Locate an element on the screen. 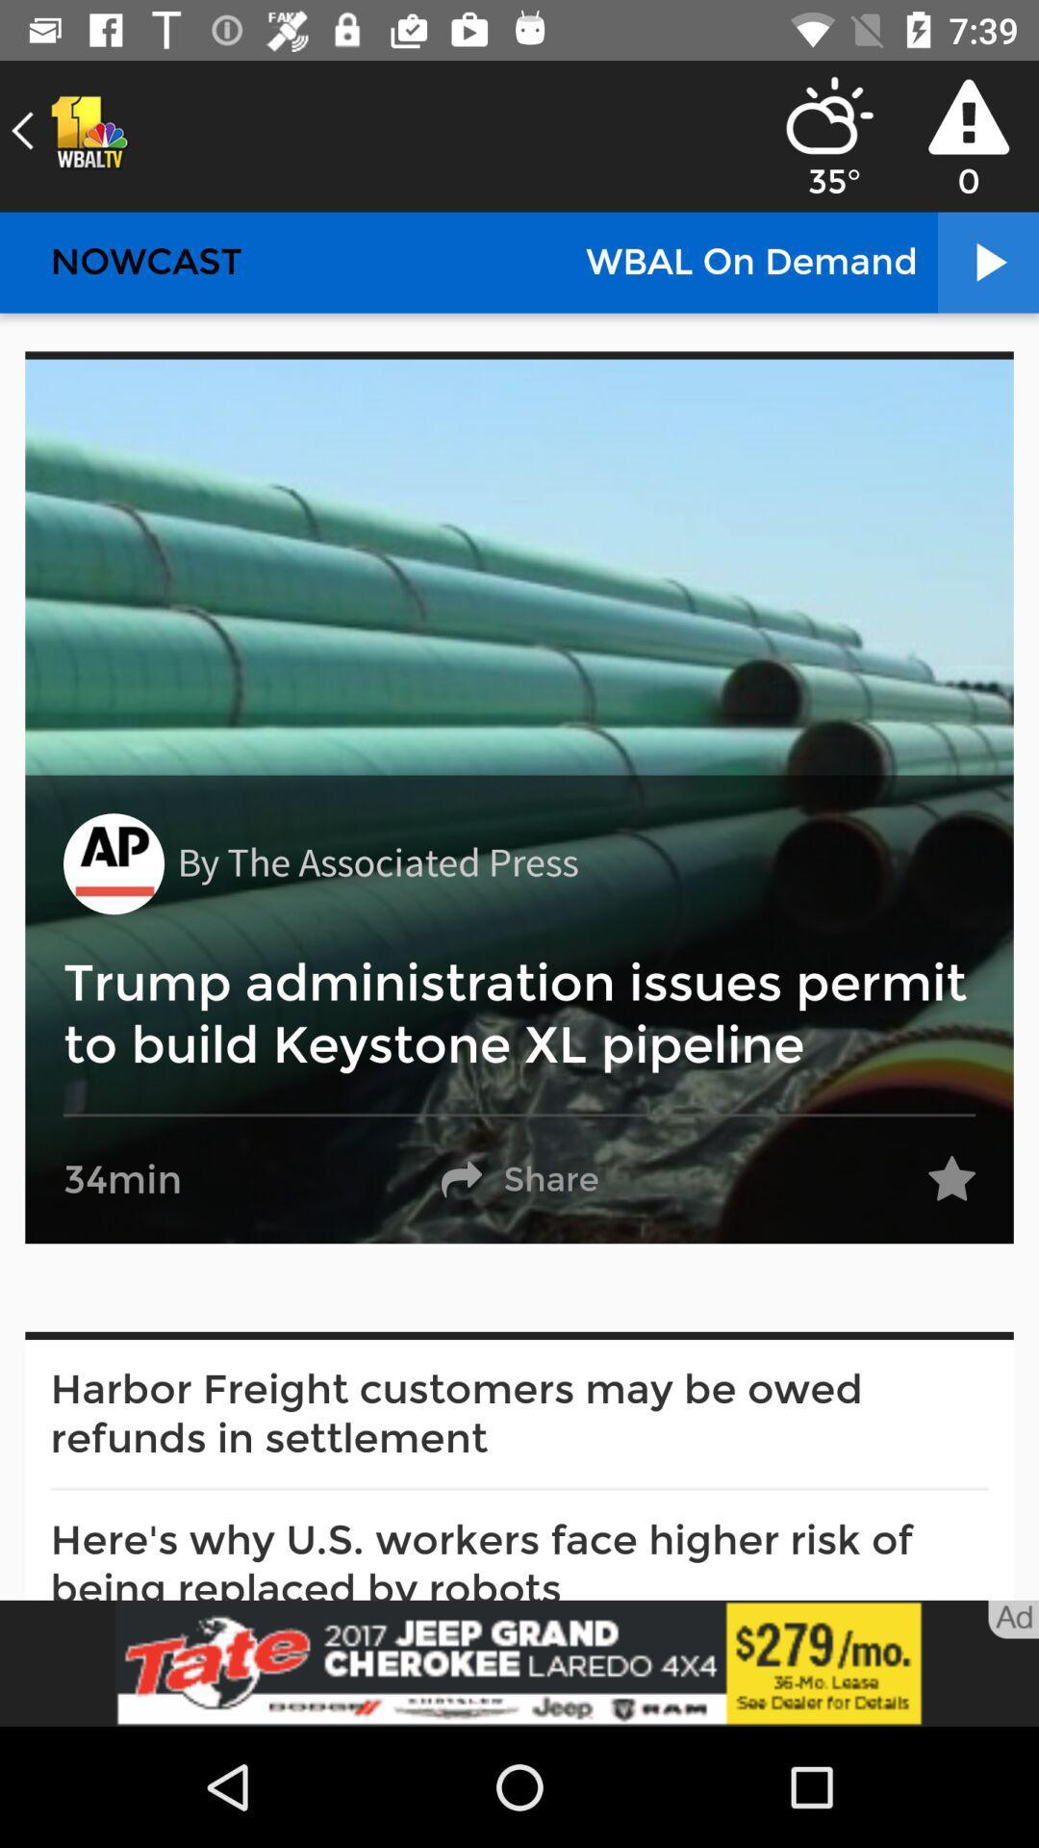 The height and width of the screenshot is (1848, 1039). advertisement is located at coordinates (519, 1662).